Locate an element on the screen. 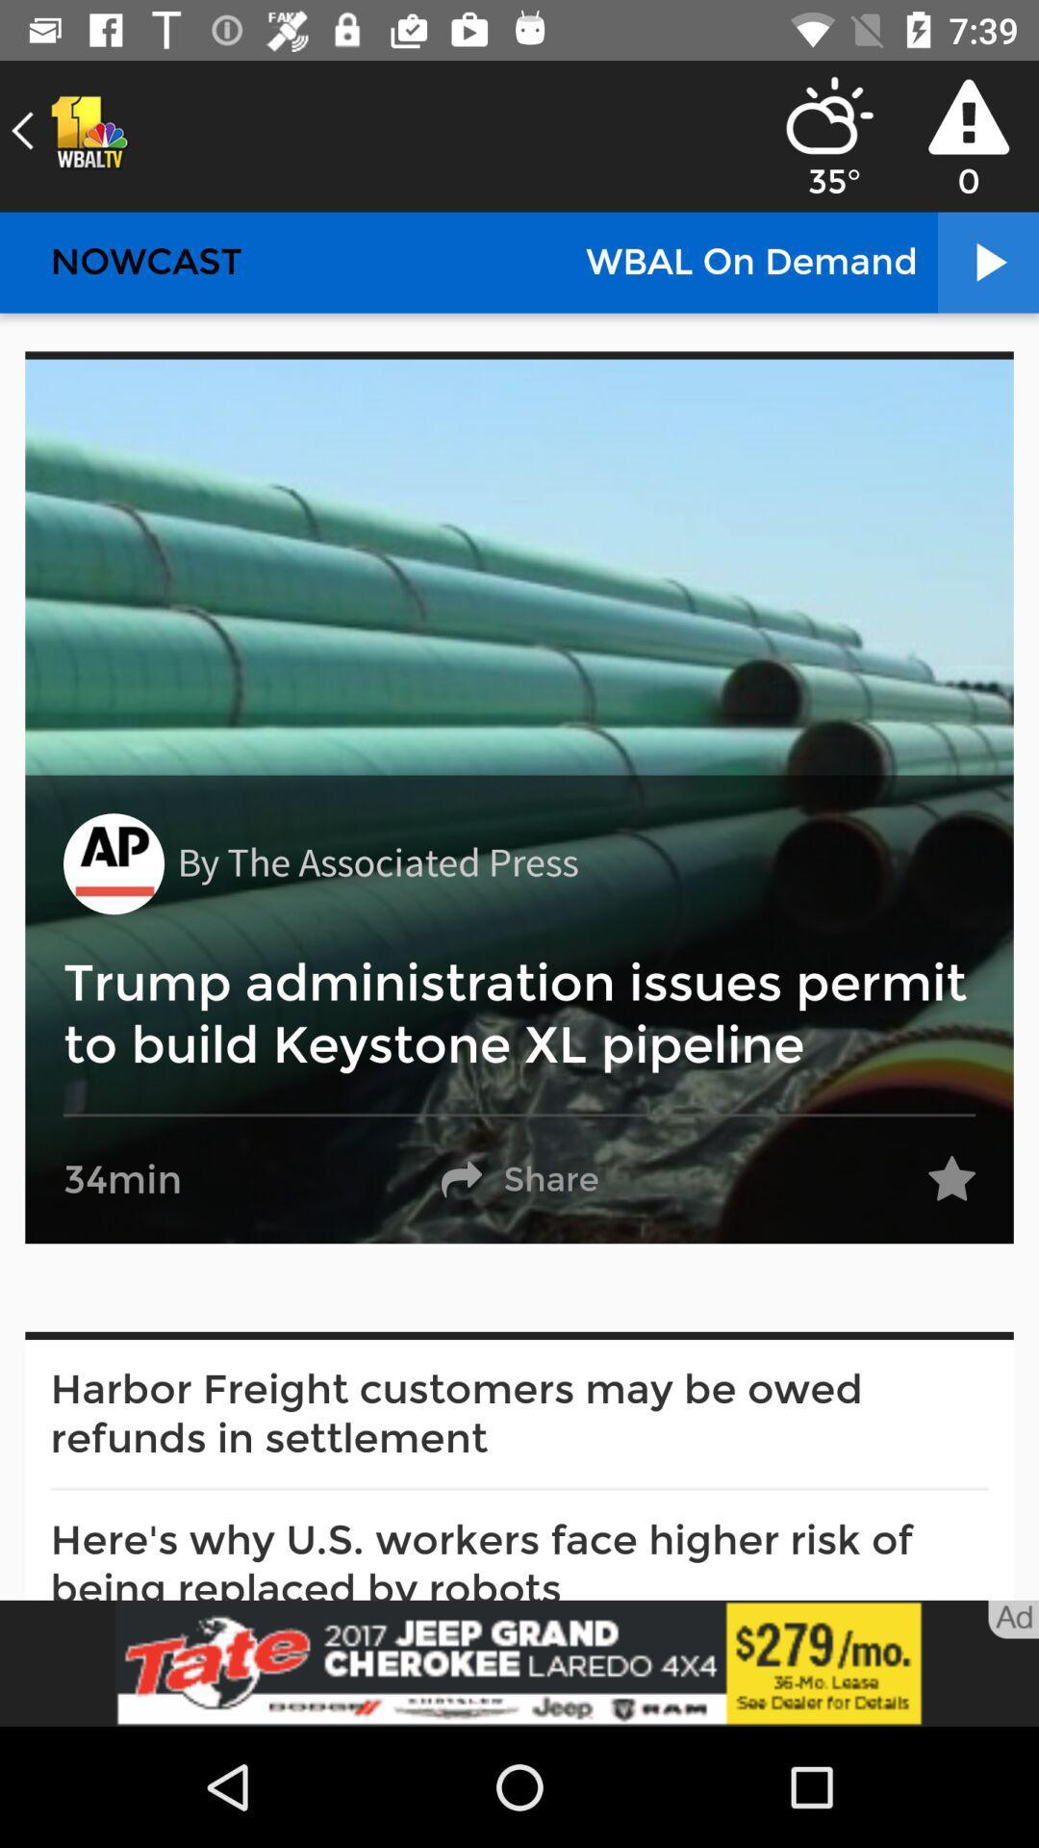 The height and width of the screenshot is (1848, 1039). advertisement is located at coordinates (519, 1662).